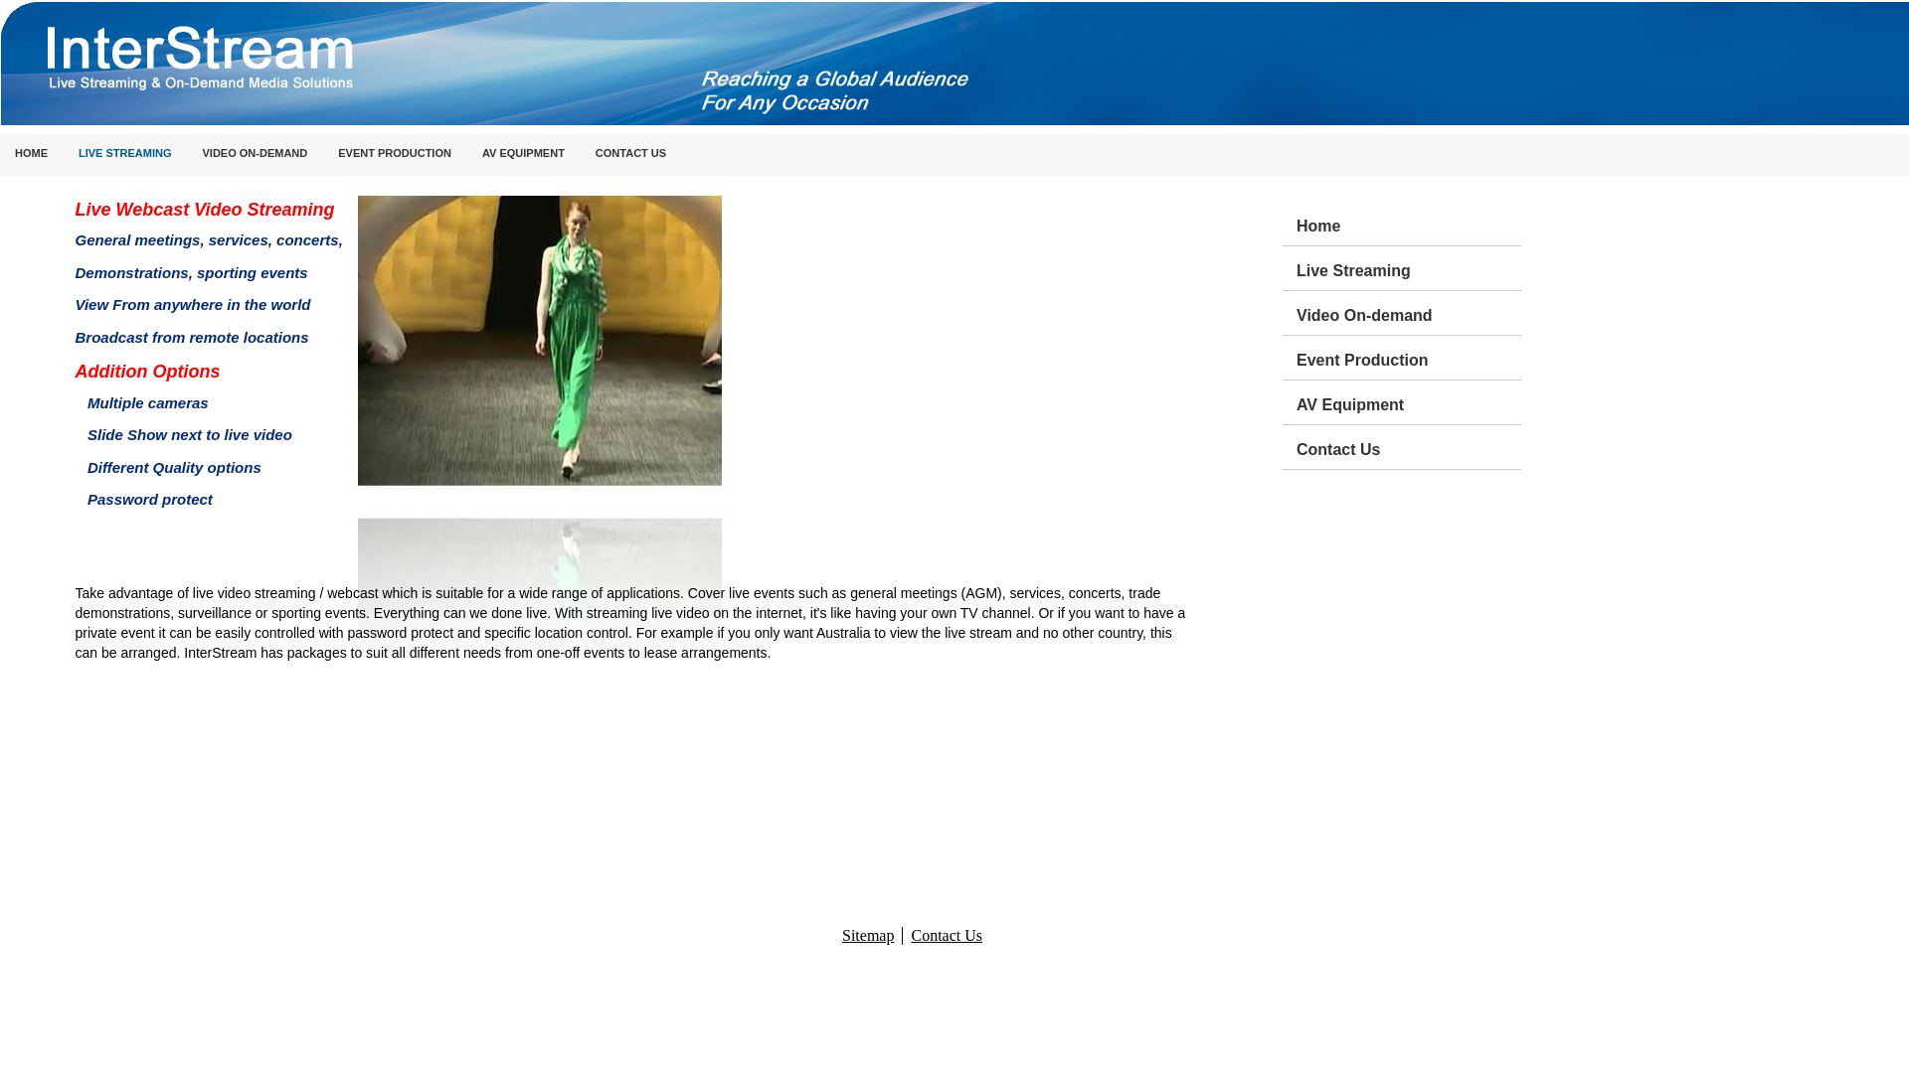 The height and width of the screenshot is (1073, 1909). I want to click on 'Home', so click(1407, 223).